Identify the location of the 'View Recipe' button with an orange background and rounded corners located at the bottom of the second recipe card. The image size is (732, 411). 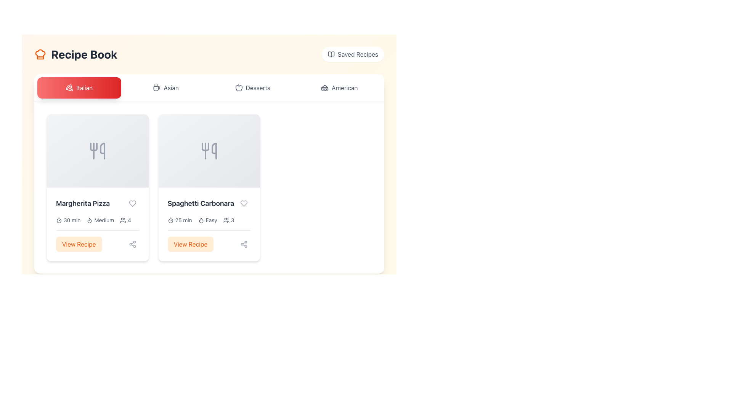
(209, 241).